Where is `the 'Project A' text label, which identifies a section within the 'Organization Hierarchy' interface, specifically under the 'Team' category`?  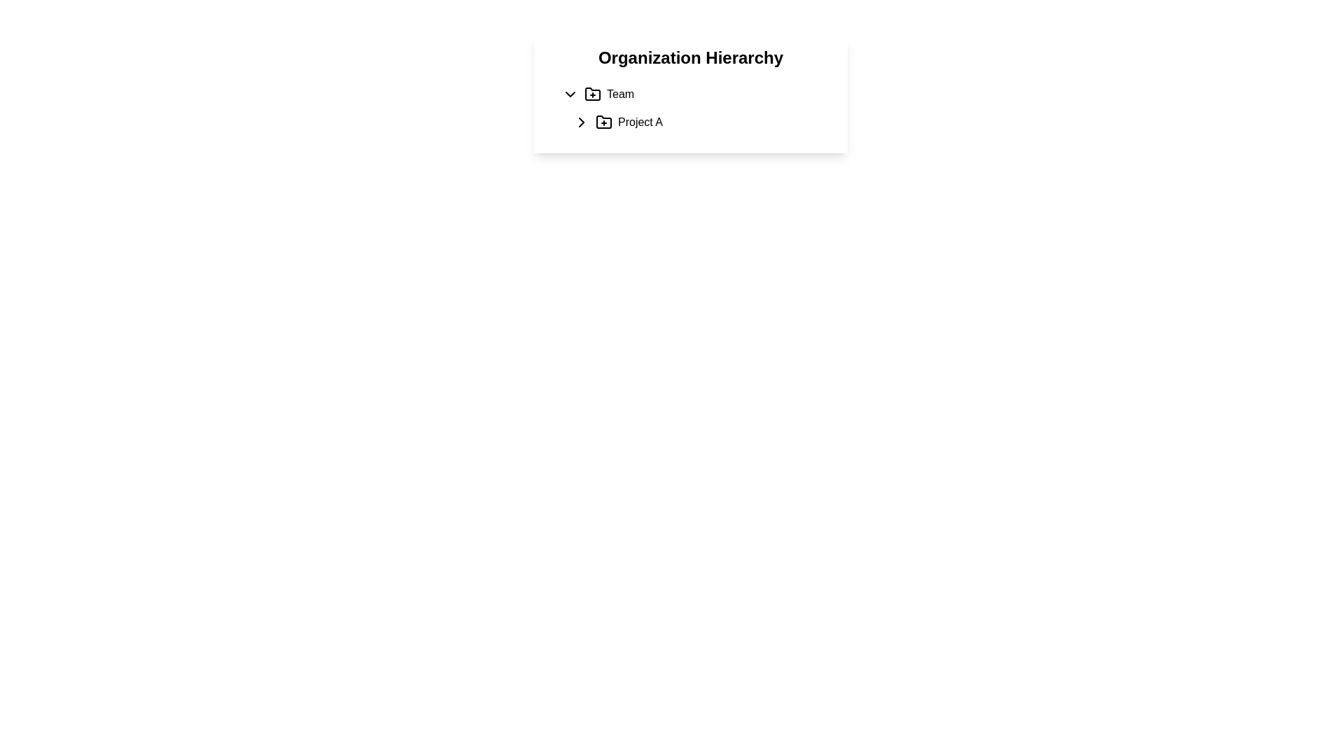 the 'Project A' text label, which identifies a section within the 'Organization Hierarchy' interface, specifically under the 'Team' category is located at coordinates (640, 121).